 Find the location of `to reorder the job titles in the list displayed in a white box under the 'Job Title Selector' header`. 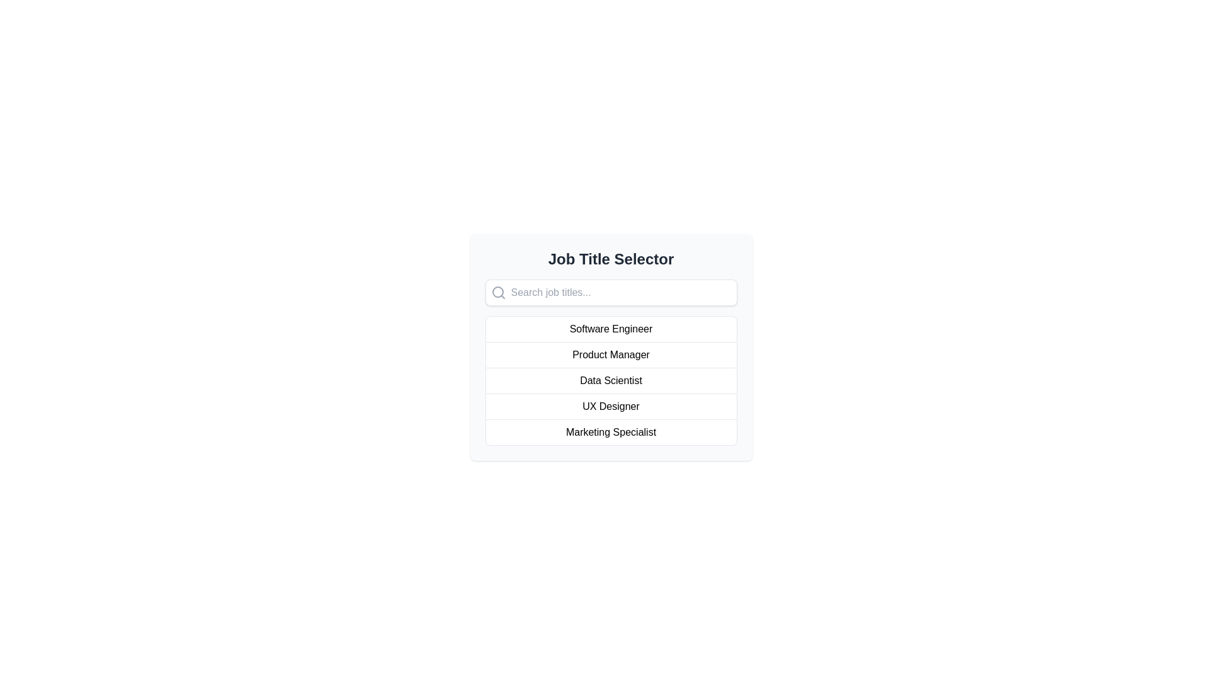

to reorder the job titles in the list displayed in a white box under the 'Job Title Selector' header is located at coordinates (611, 380).